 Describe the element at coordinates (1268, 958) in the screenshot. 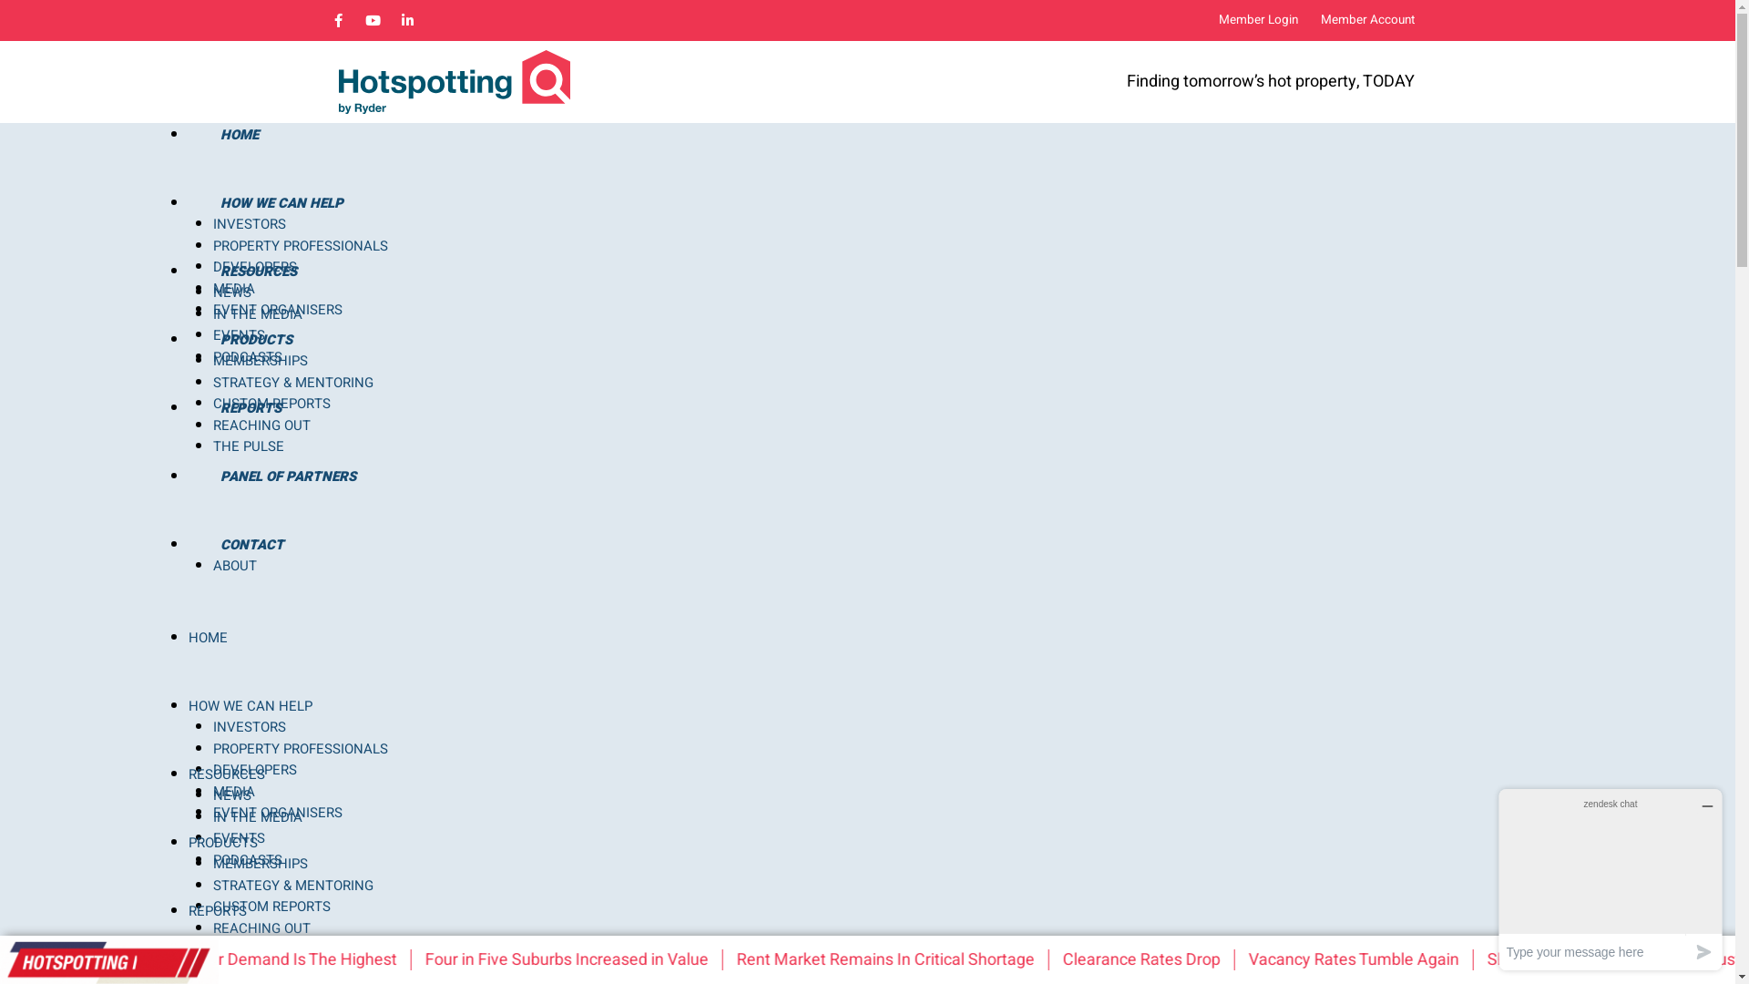

I see `'Vacancy Rates Tumble Again'` at that location.